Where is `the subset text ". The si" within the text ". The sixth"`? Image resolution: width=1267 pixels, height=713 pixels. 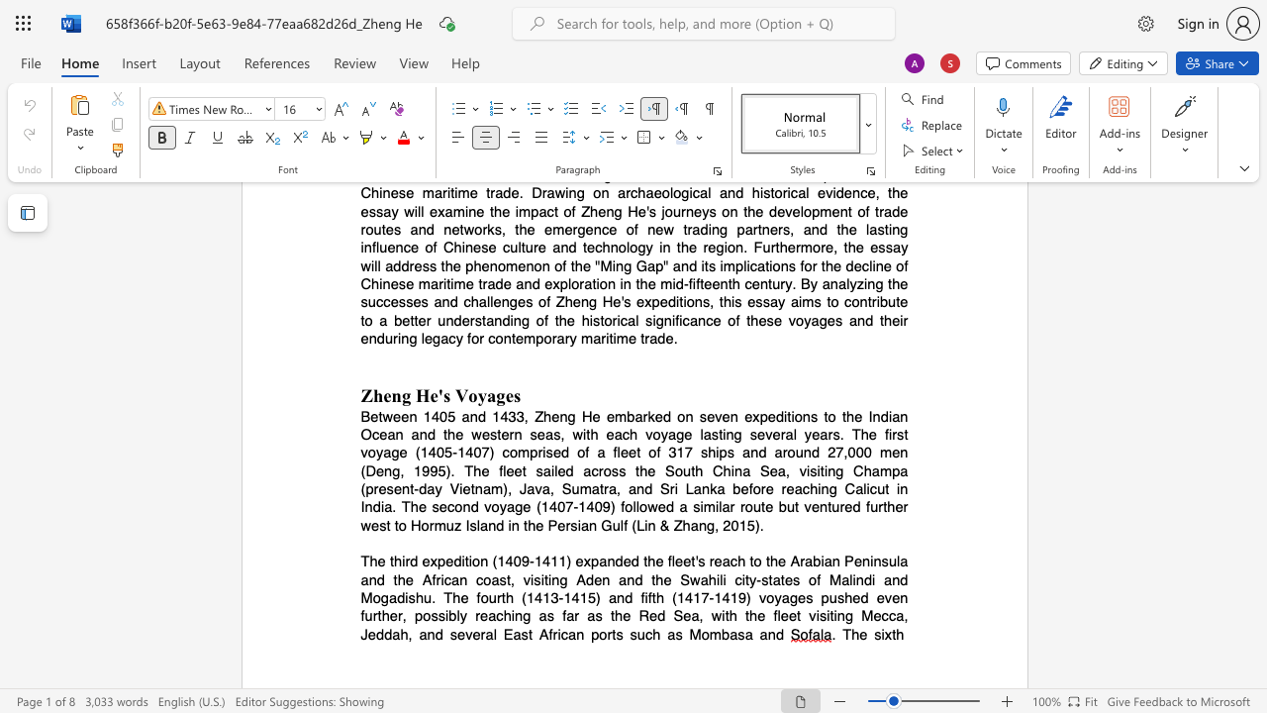
the subset text ". The si" within the text ". The sixth" is located at coordinates (831, 634).